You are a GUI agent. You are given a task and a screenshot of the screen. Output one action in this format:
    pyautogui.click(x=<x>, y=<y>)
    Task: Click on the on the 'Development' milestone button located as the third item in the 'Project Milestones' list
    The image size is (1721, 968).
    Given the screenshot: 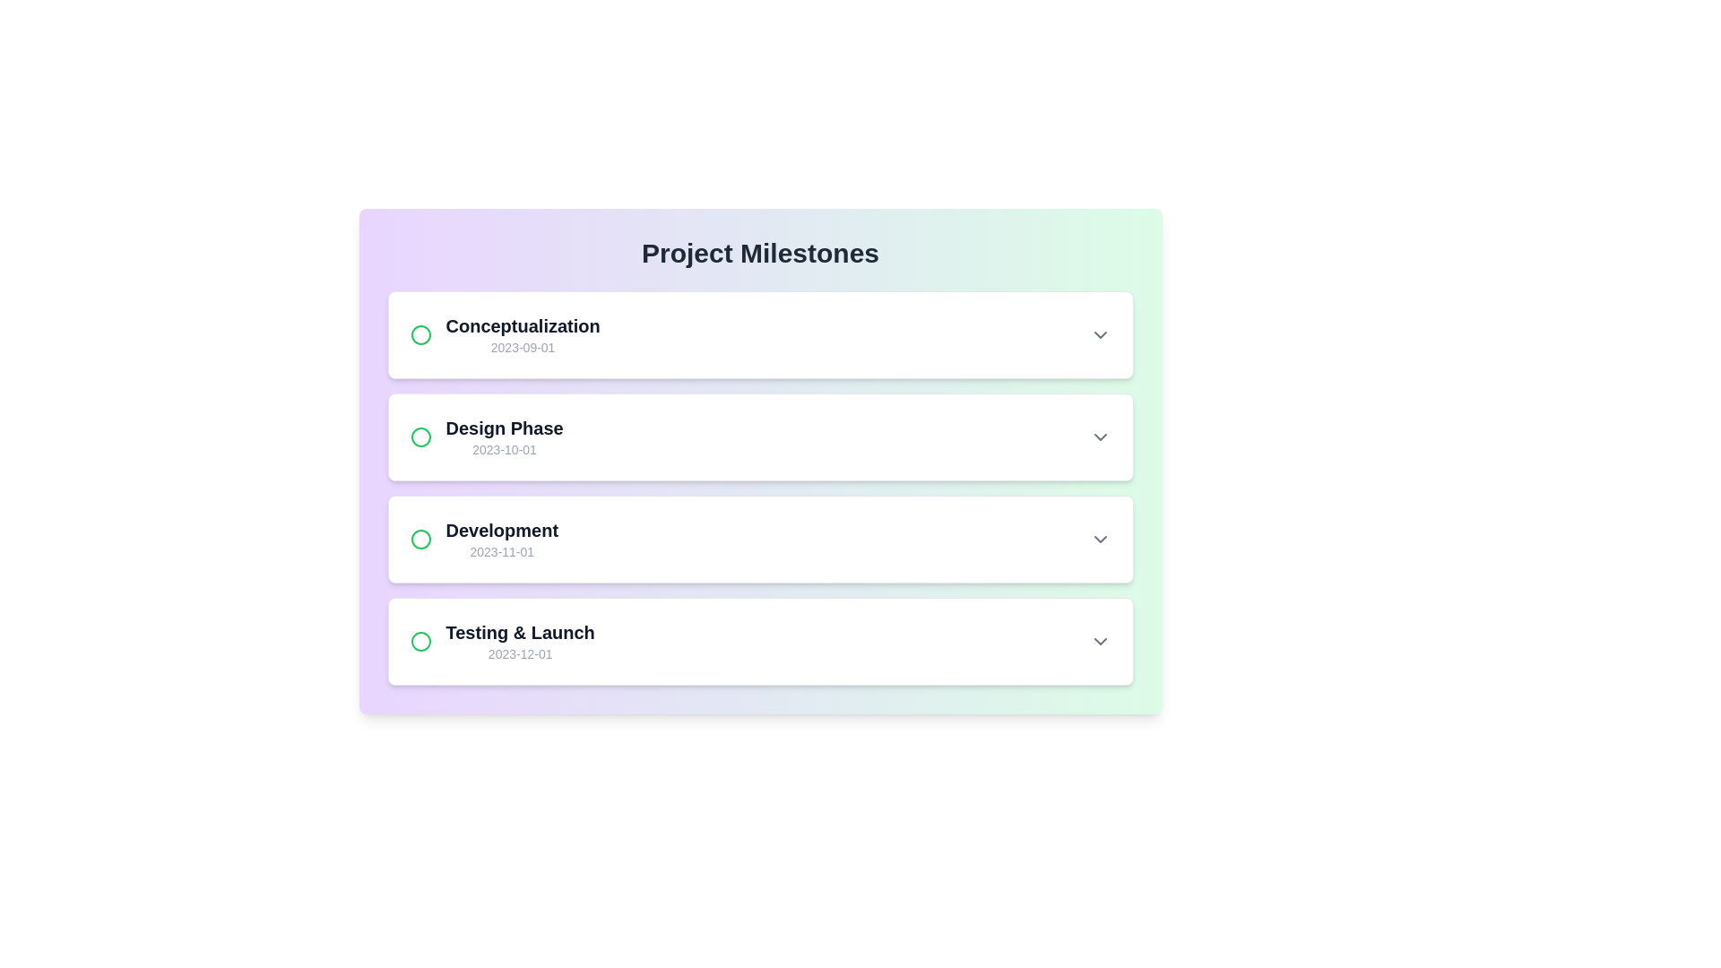 What is the action you would take?
    pyautogui.click(x=760, y=538)
    